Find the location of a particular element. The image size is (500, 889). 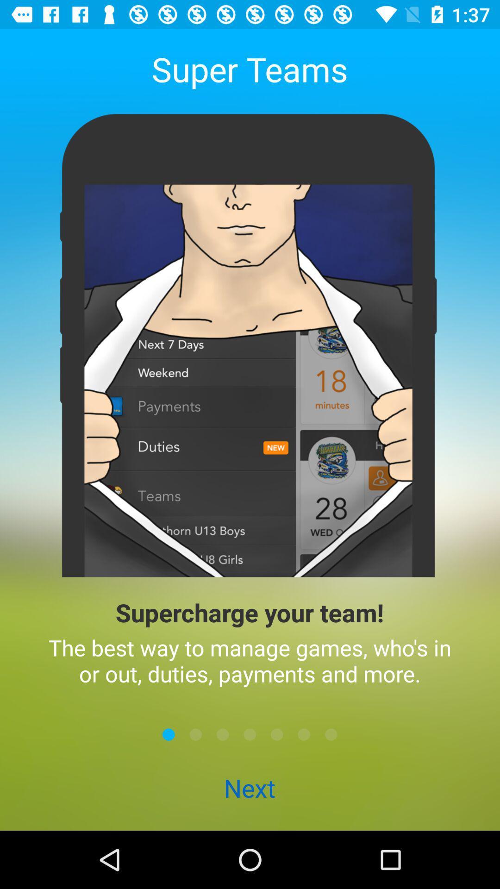

icon below the best way is located at coordinates (331, 734).